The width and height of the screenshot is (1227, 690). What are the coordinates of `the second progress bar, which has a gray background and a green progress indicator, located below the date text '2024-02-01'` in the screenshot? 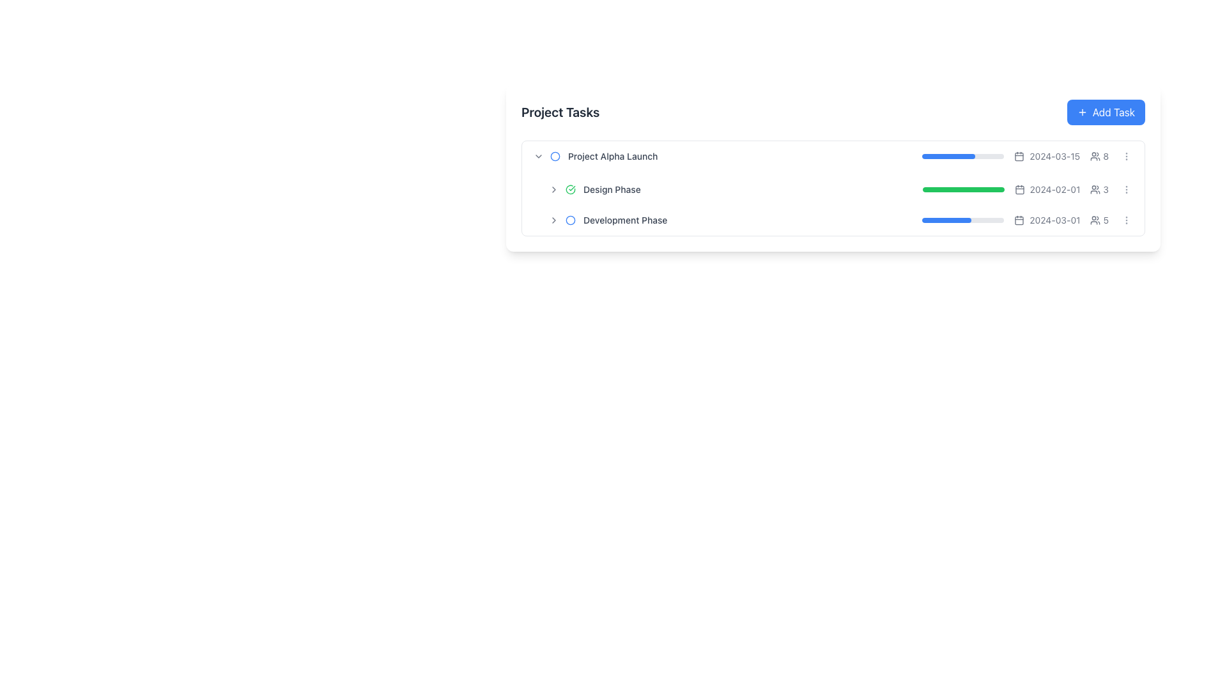 It's located at (963, 190).